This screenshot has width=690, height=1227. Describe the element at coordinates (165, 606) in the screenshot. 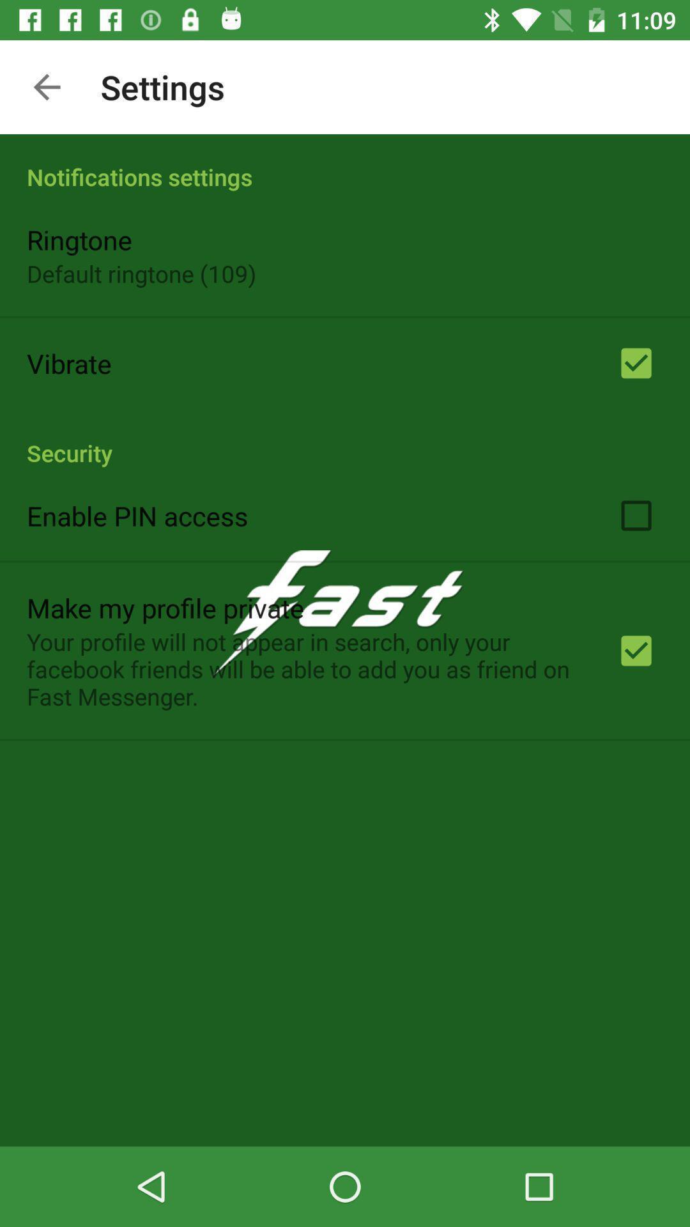

I see `the app below enable pin access item` at that location.